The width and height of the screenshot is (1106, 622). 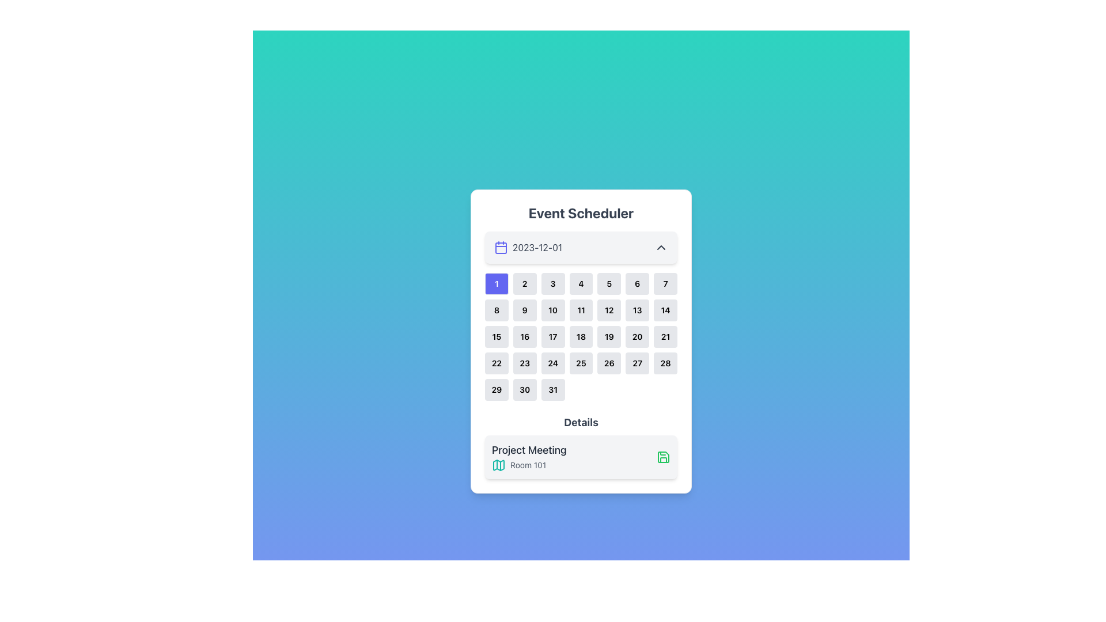 I want to click on the button representing the date '11' in the calendar grid interface, so click(x=581, y=310).